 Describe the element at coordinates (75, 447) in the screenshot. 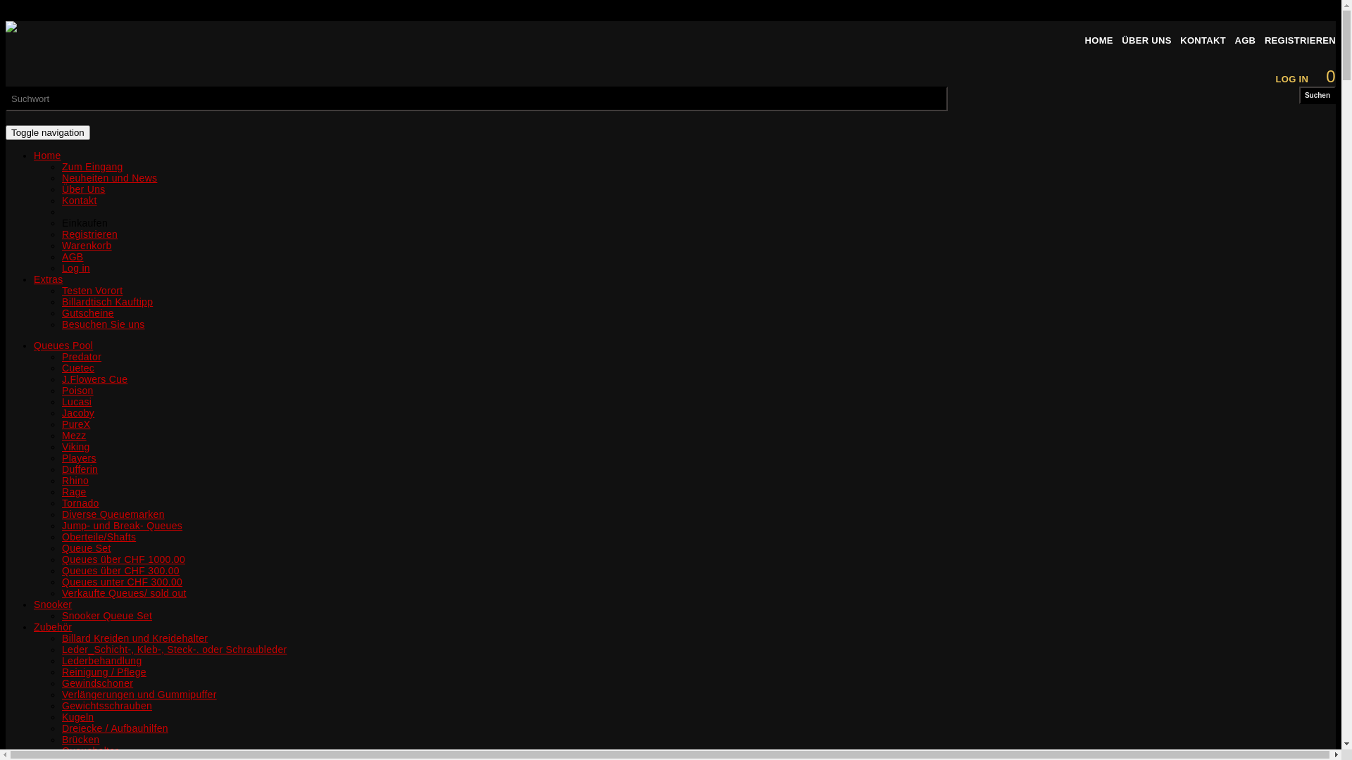

I see `'Viking'` at that location.